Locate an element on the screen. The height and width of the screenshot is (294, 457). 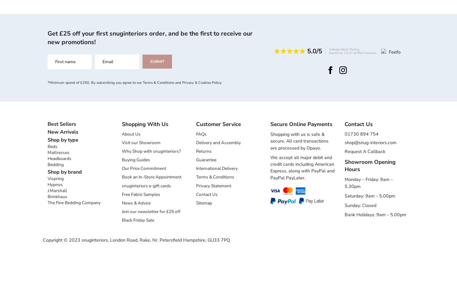
'01730 894 754' is located at coordinates (361, 134).